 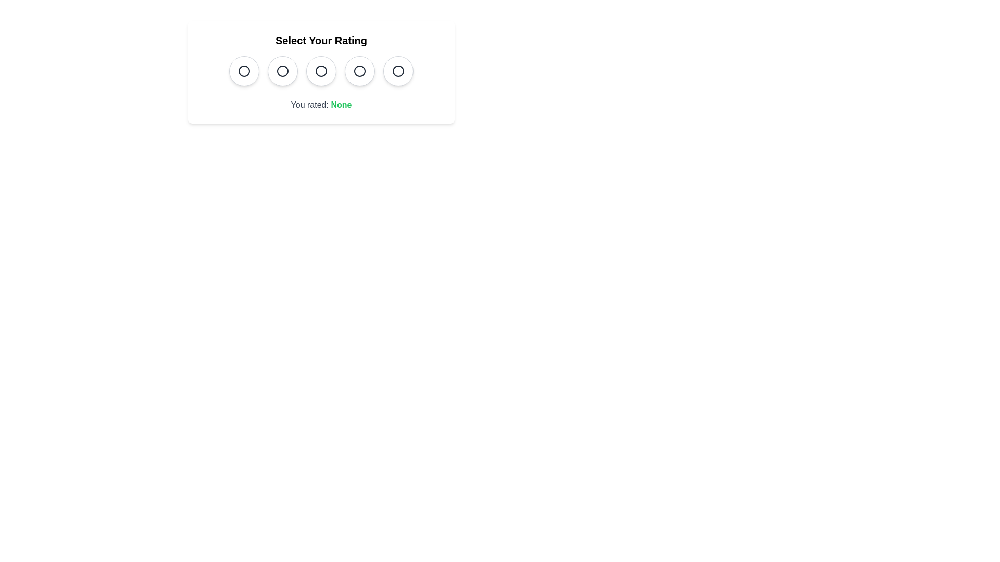 What do you see at coordinates (360, 71) in the screenshot?
I see `button corresponding to the rating 4` at bounding box center [360, 71].